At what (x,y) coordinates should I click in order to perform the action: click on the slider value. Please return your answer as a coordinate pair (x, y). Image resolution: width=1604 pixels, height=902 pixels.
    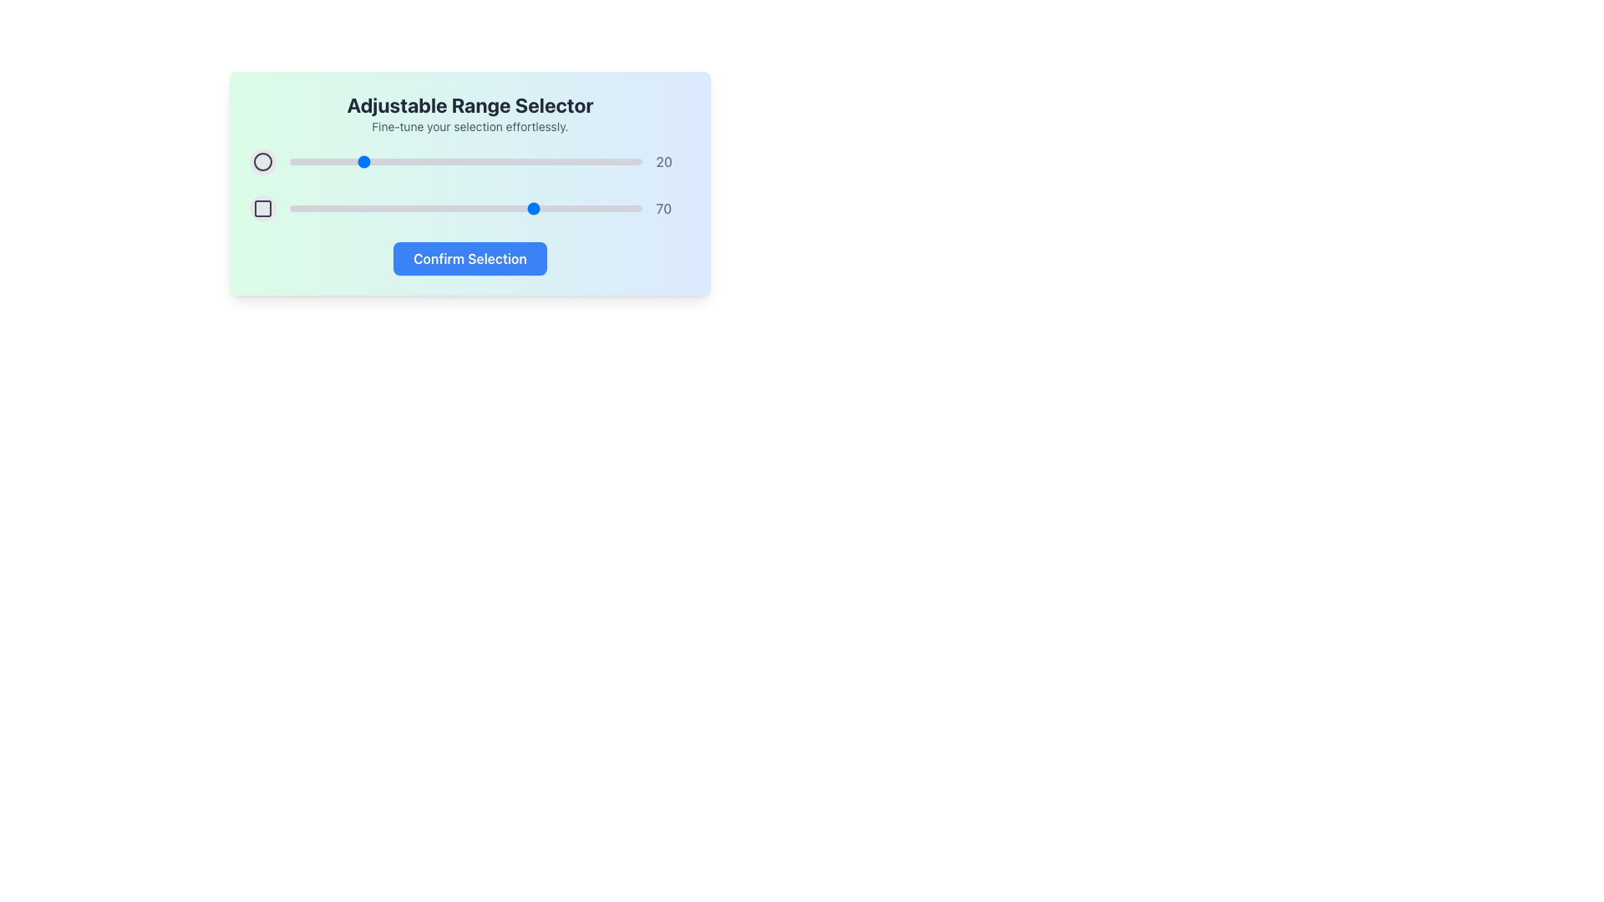
    Looking at the image, I should click on (314, 208).